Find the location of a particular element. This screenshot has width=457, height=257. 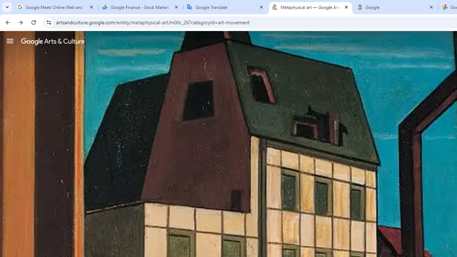

'Forward' is located at coordinates (21, 22).